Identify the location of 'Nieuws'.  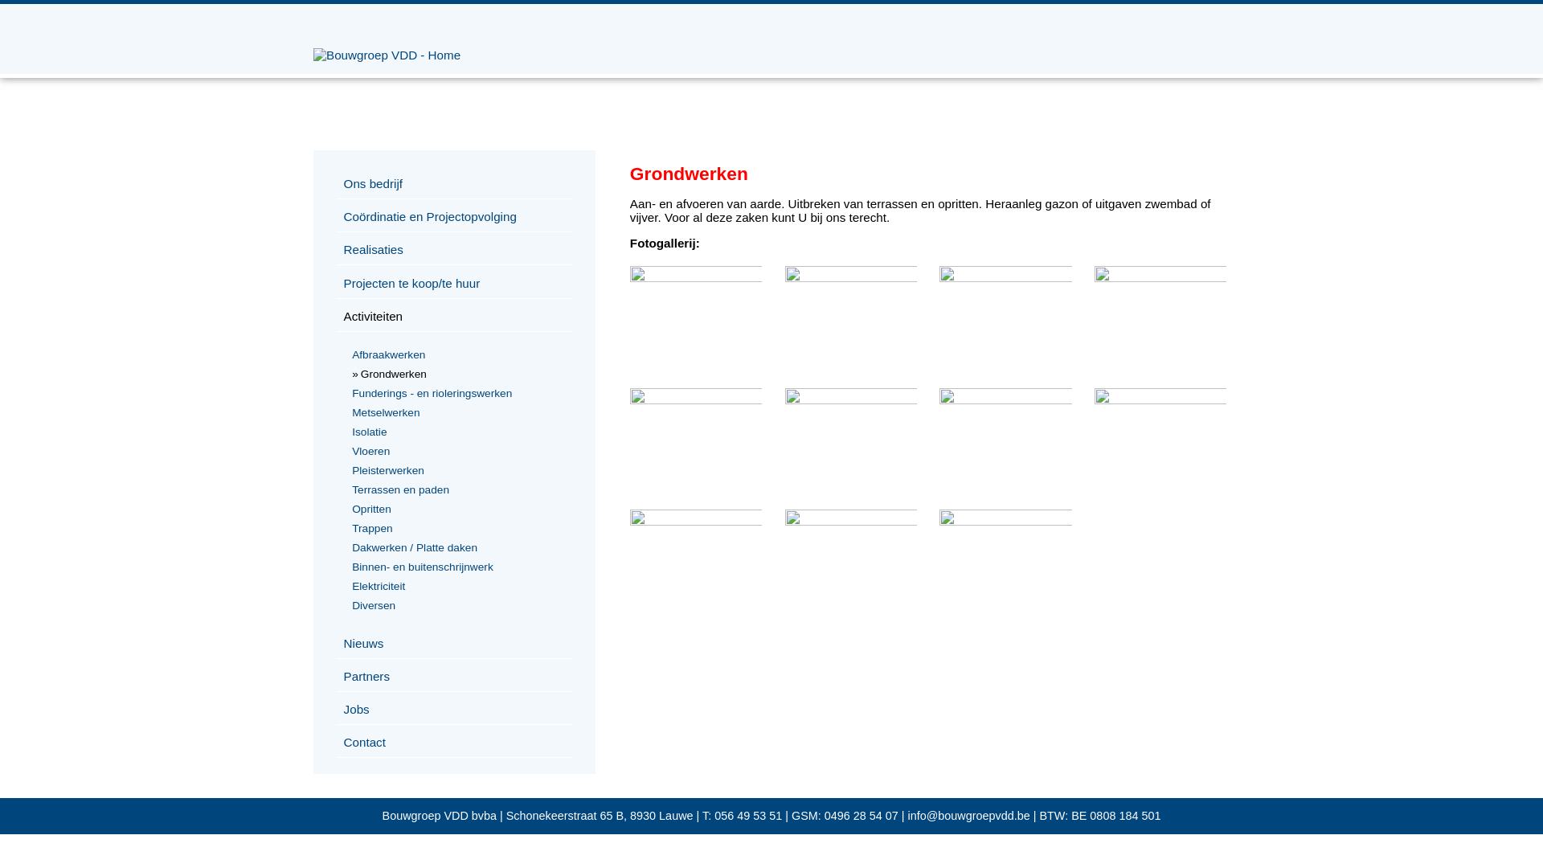
(453, 643).